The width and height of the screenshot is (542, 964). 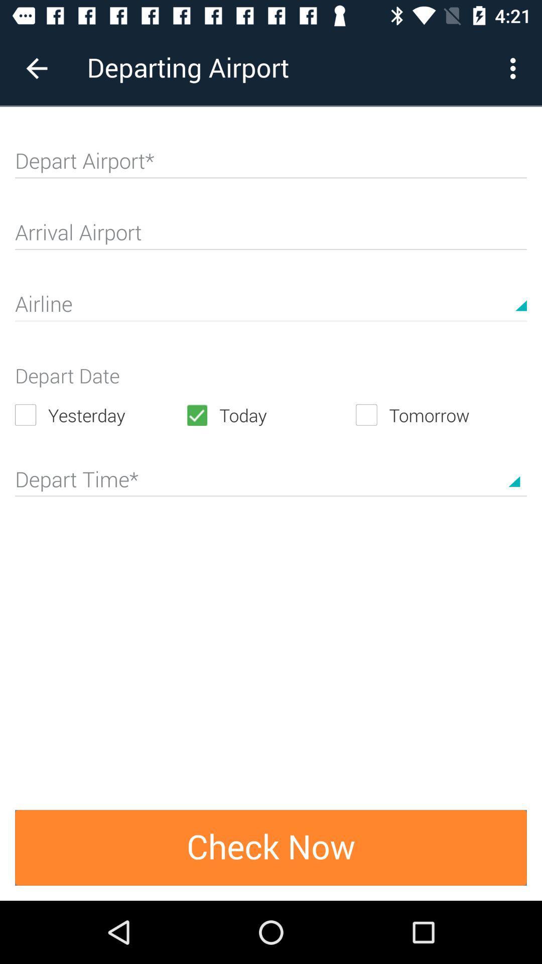 What do you see at coordinates (441, 415) in the screenshot?
I see `button beside today` at bounding box center [441, 415].